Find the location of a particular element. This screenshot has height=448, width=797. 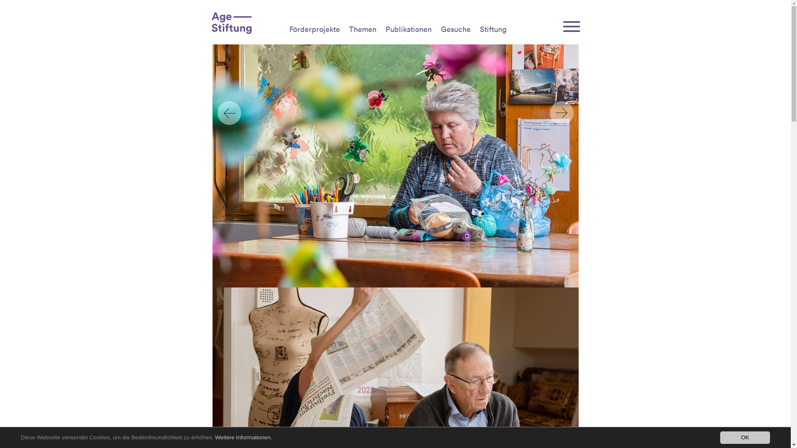

'Themen' is located at coordinates (362, 29).